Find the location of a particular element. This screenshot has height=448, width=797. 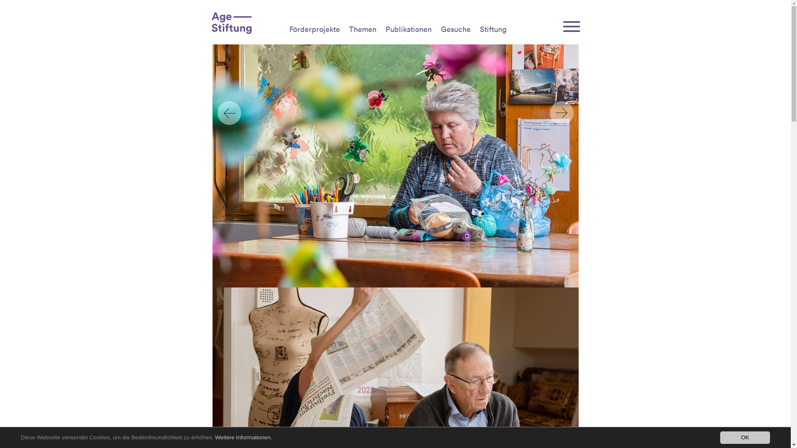

'Themen' is located at coordinates (362, 29).